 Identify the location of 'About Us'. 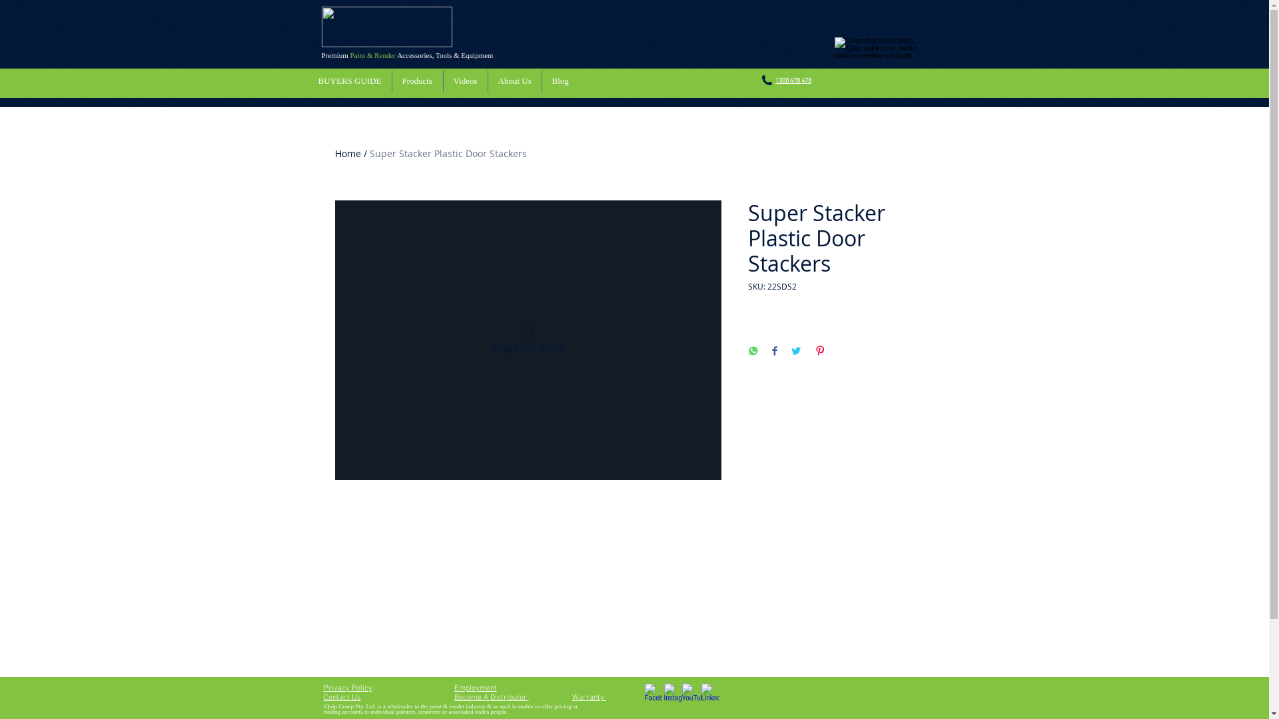
(514, 81).